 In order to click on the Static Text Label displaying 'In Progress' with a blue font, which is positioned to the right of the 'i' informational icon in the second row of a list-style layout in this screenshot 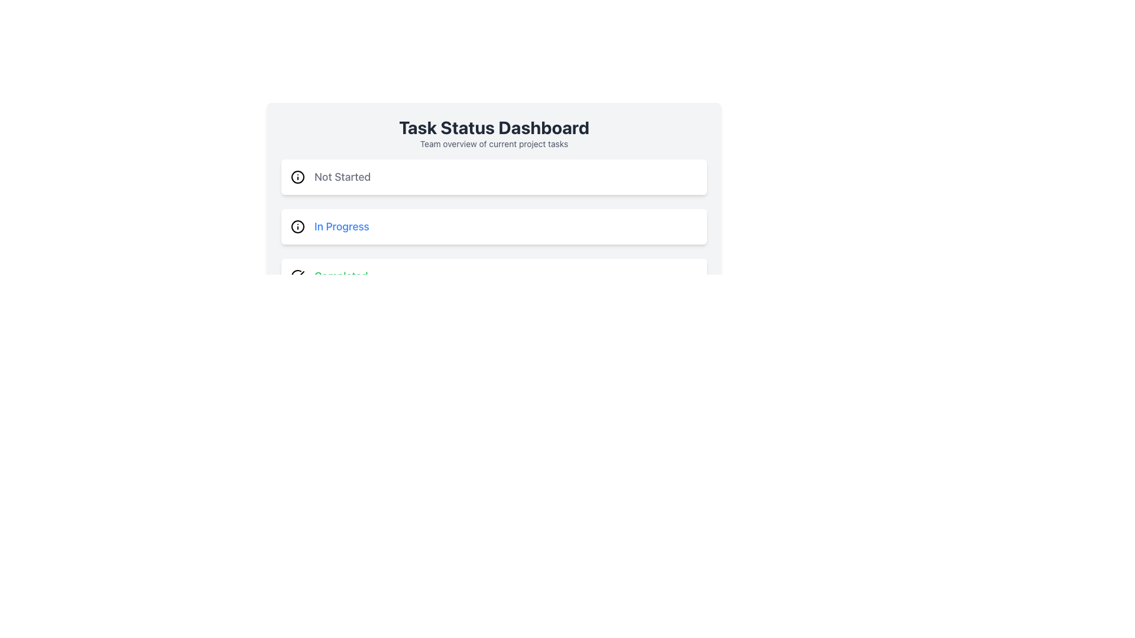, I will do `click(341, 227)`.